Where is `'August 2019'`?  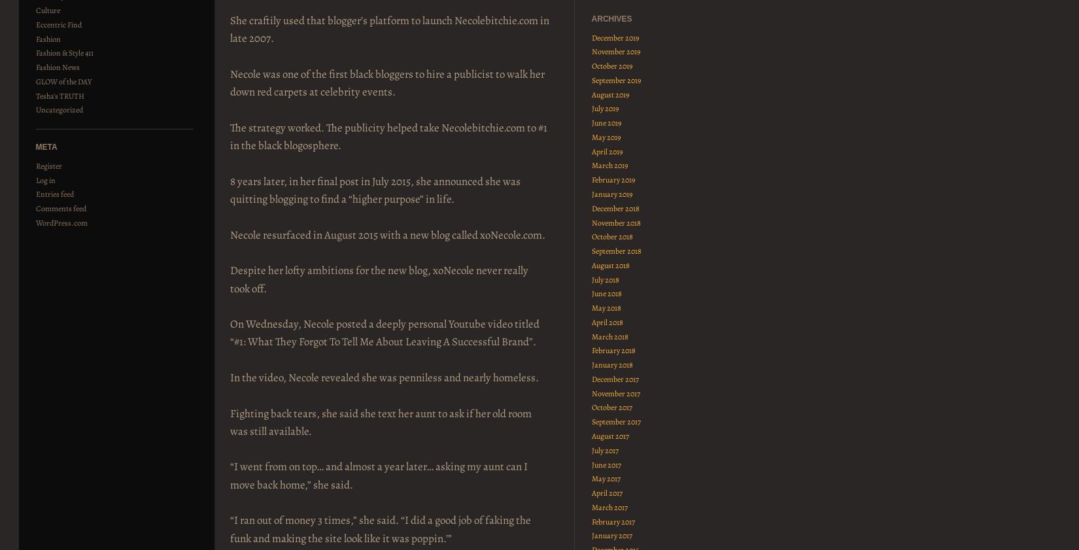
'August 2019' is located at coordinates (609, 93).